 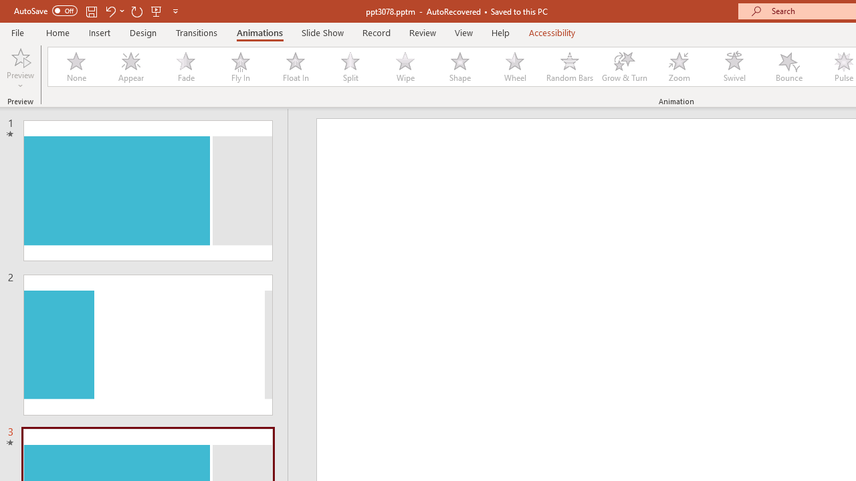 What do you see at coordinates (350, 67) in the screenshot?
I see `'Split'` at bounding box center [350, 67].